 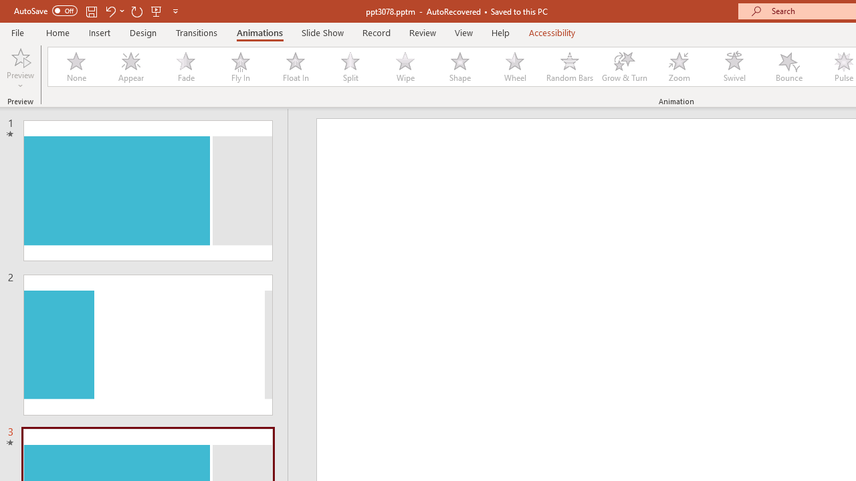 What do you see at coordinates (350, 67) in the screenshot?
I see `'Split'` at bounding box center [350, 67].